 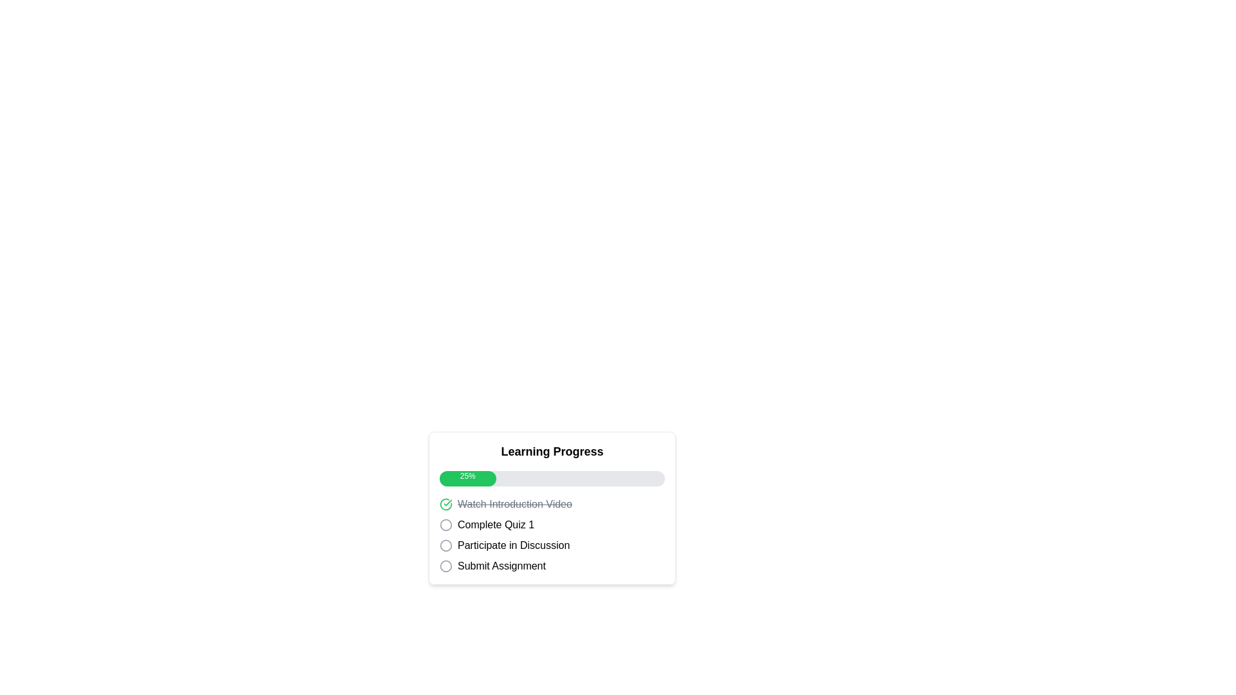 I want to click on the progress bar indicating 25% completion, which is styled with a gray background and a green filled portion, located below the 'Learning Progress' title, so click(x=552, y=479).